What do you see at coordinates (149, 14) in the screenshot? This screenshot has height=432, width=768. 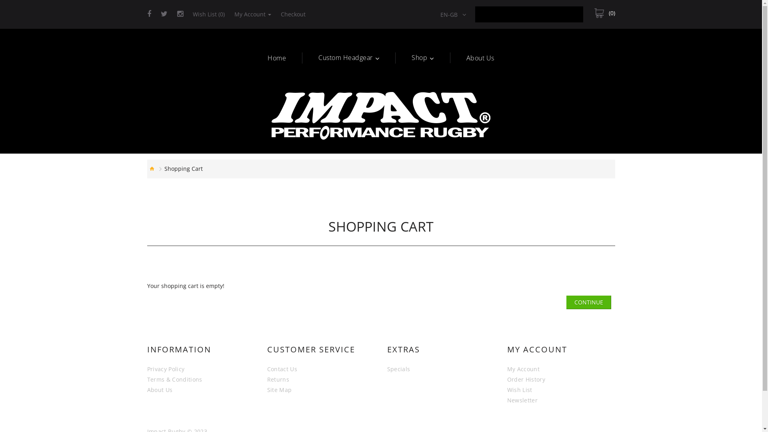 I see `'Facebook'` at bounding box center [149, 14].